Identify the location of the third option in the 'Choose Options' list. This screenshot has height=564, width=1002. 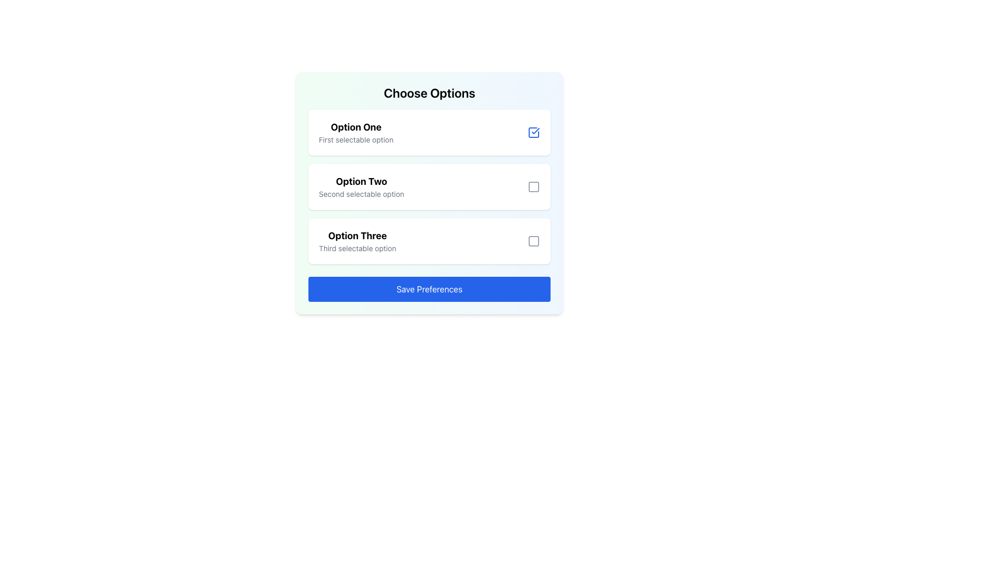
(429, 241).